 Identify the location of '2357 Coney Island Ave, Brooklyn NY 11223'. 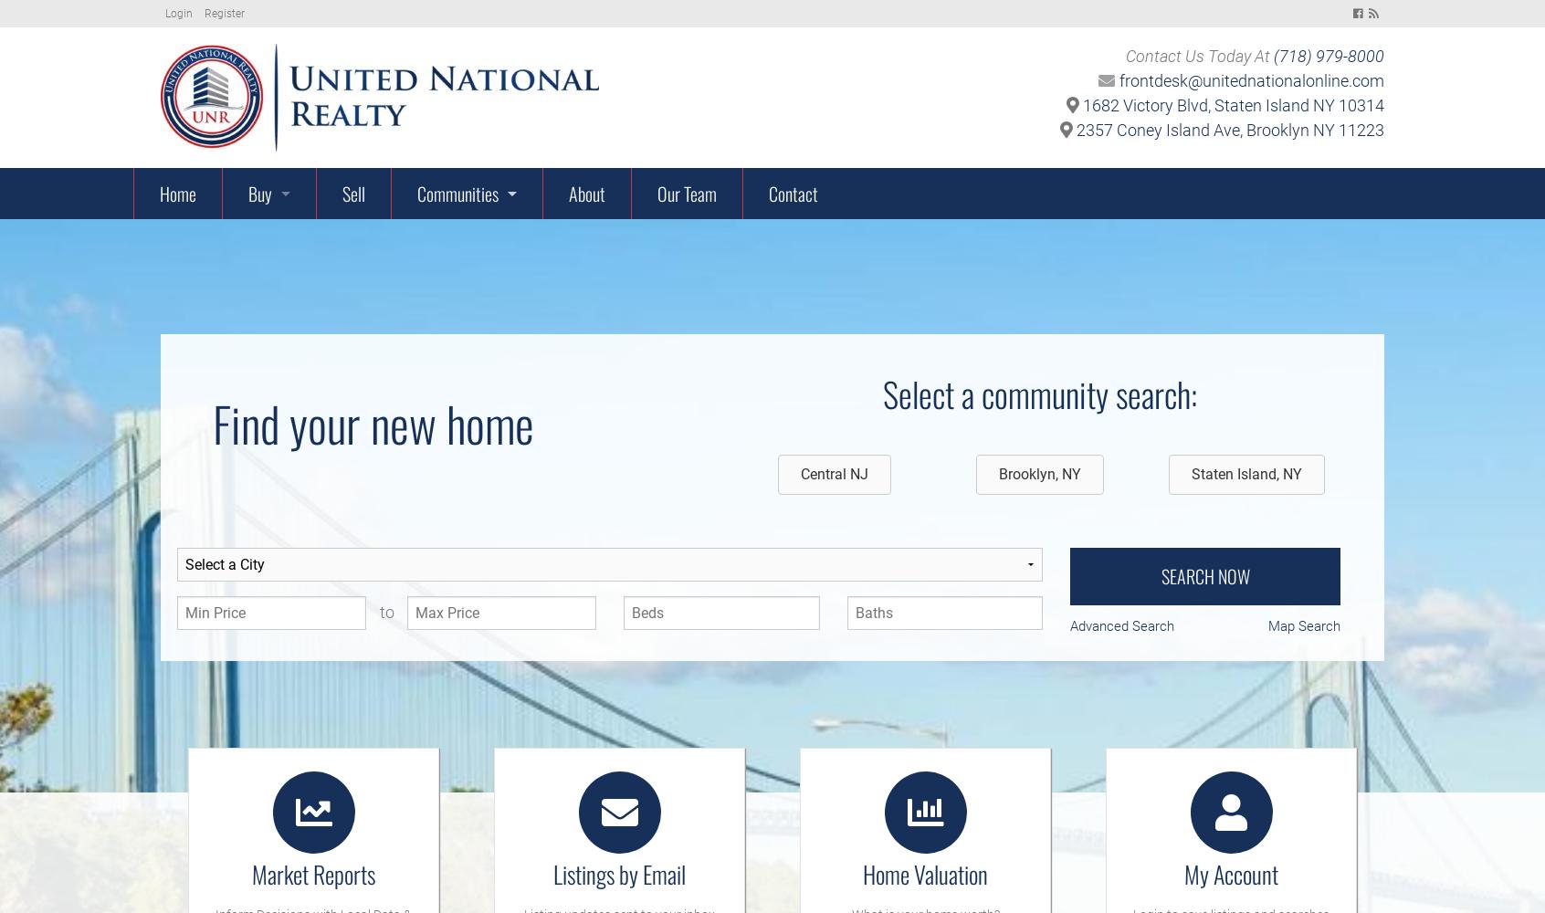
(1228, 130).